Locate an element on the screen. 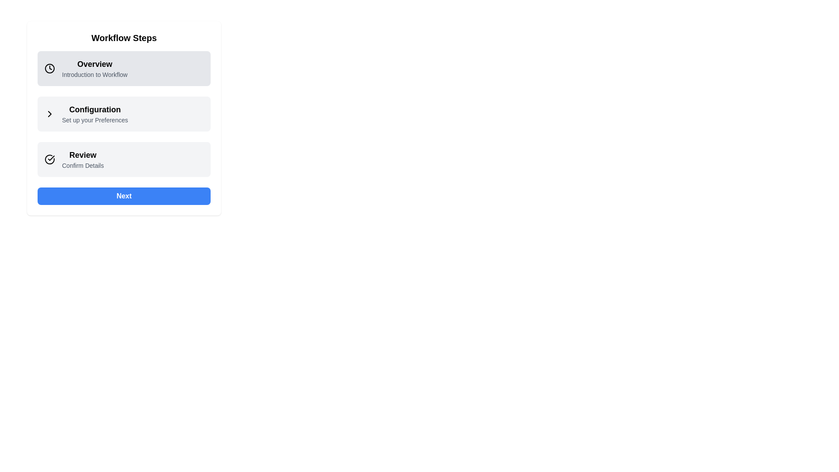  the completion indicator icon located at the top left corner of the 'Review' section in the workflow listing is located at coordinates (52, 160).